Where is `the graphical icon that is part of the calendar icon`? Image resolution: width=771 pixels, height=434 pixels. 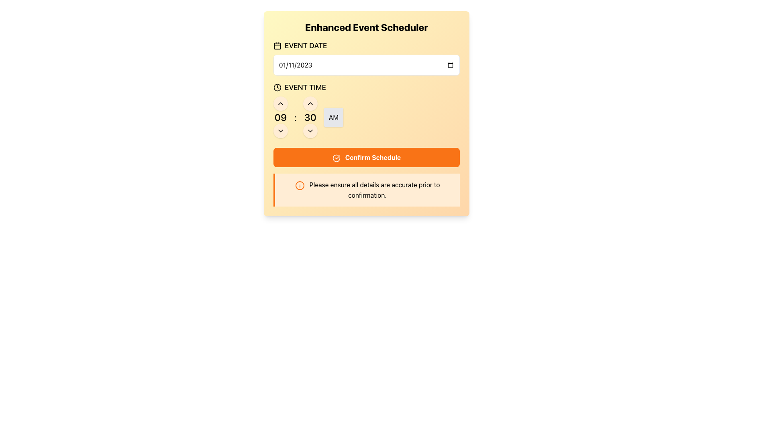 the graphical icon that is part of the calendar icon is located at coordinates (277, 46).